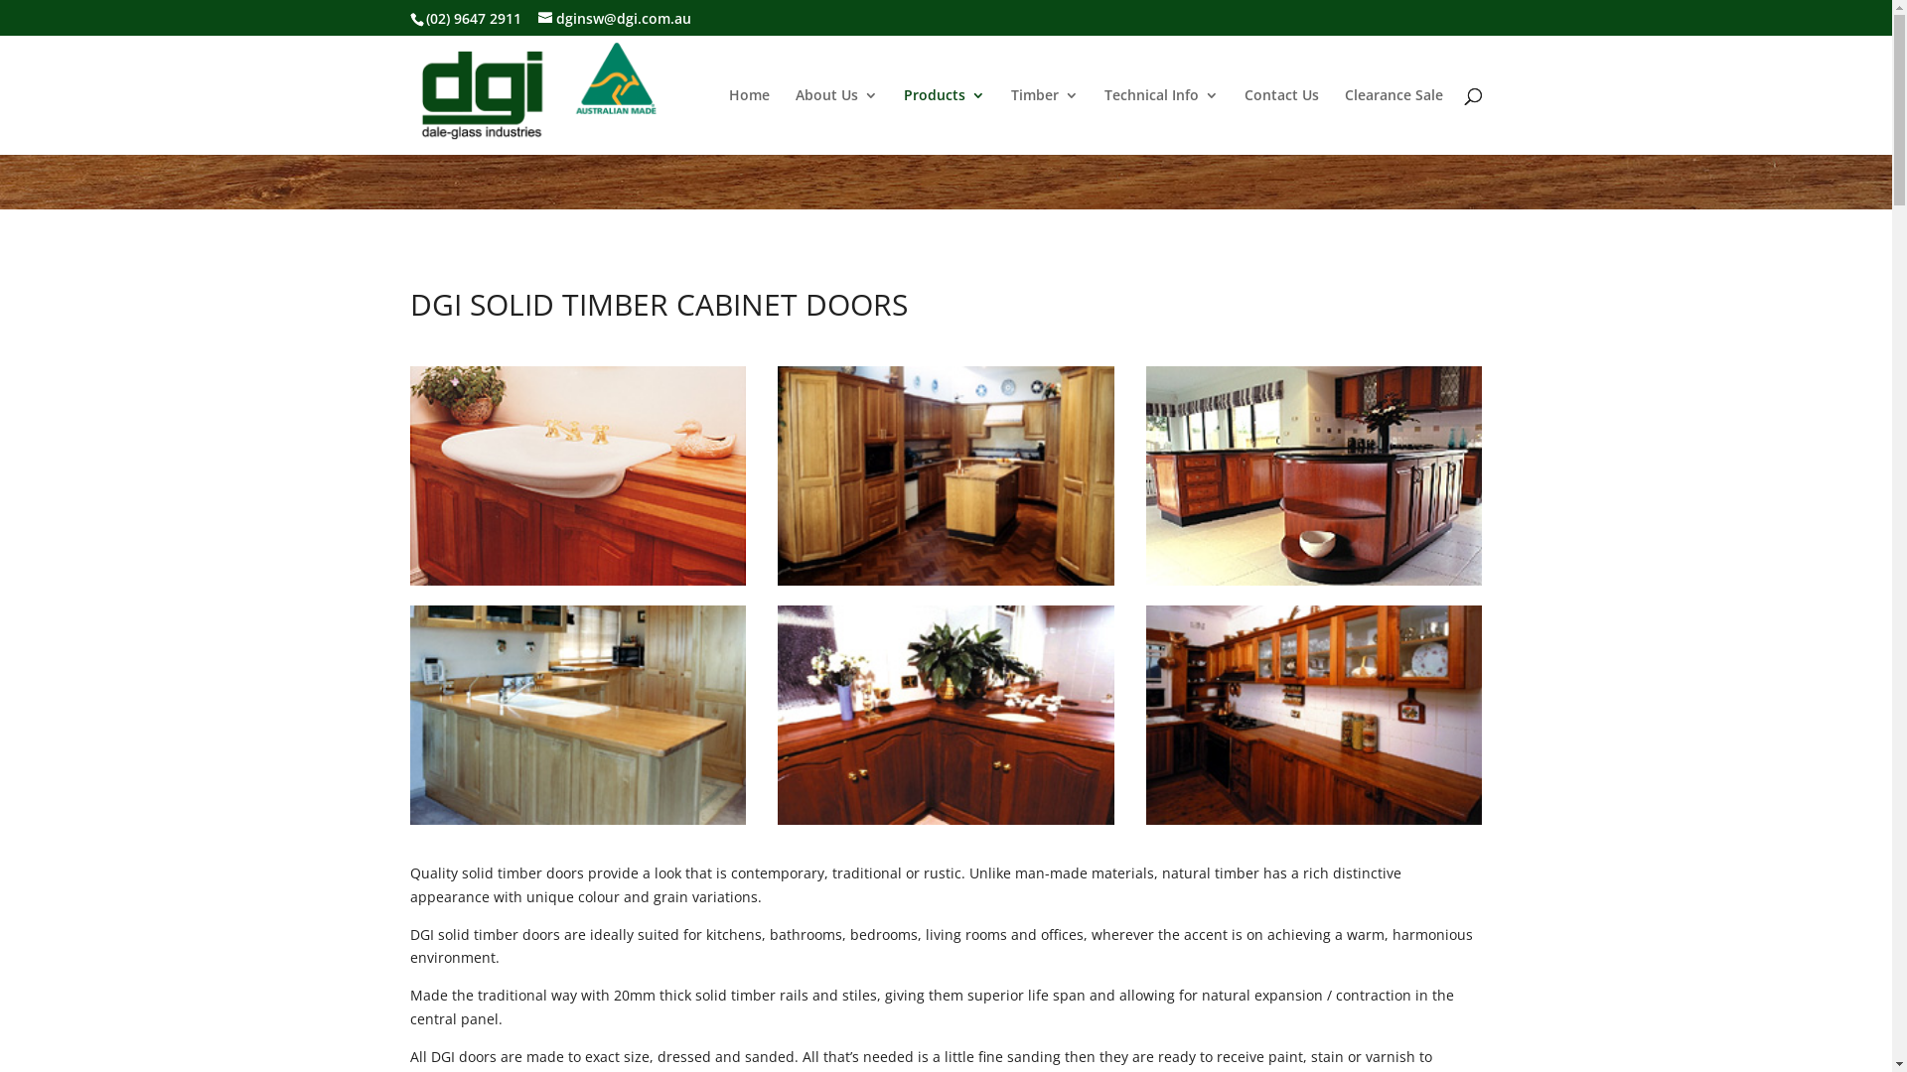 This screenshot has width=1907, height=1072. What do you see at coordinates (614, 17) in the screenshot?
I see `'dginsw@dgi.com.au'` at bounding box center [614, 17].